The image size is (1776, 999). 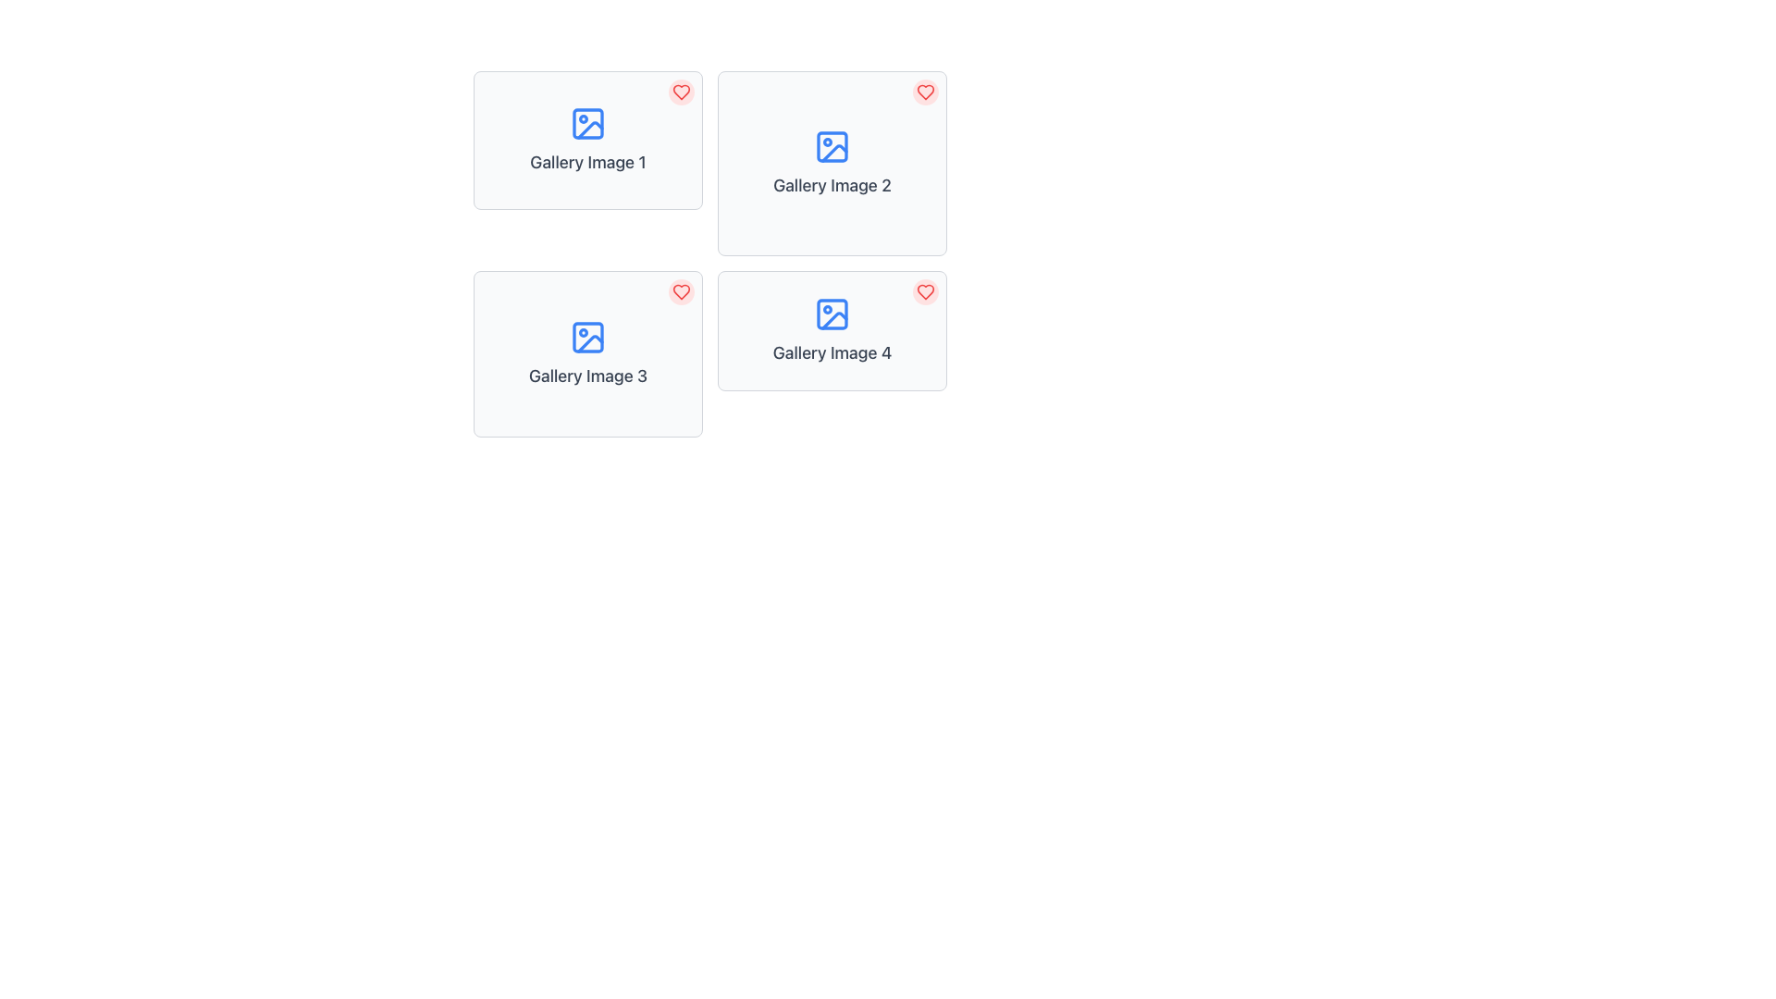 What do you see at coordinates (586, 353) in the screenshot?
I see `the card labeled 'Gallery Image 3' which is styled with rounded corners and located in the third position of the grid layout` at bounding box center [586, 353].